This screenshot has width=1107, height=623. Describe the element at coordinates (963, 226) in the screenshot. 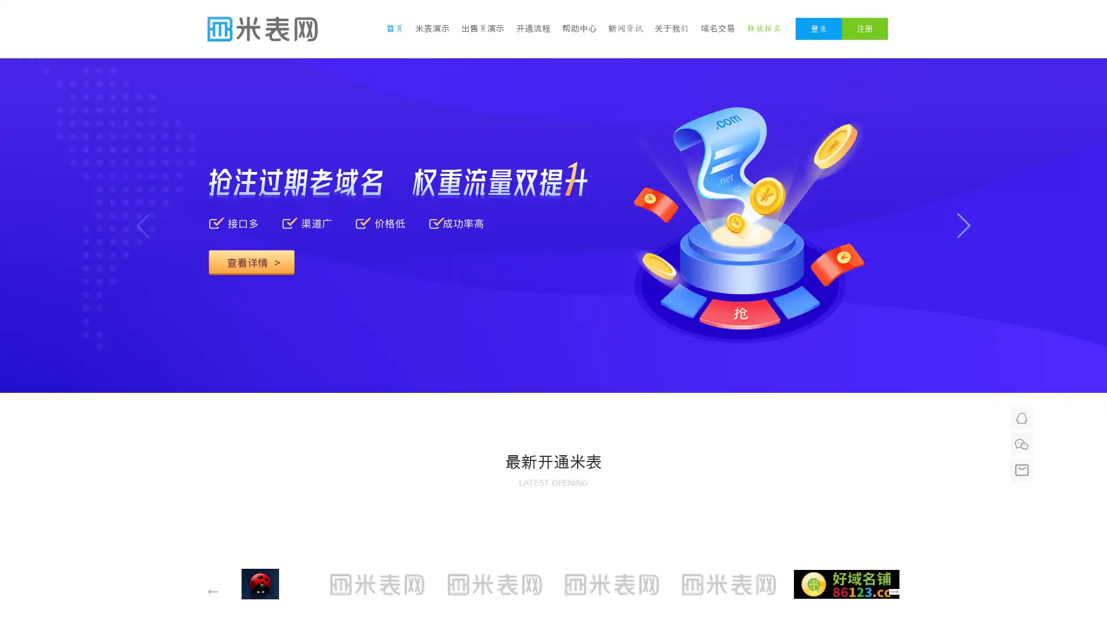

I see `Next slide` at that location.